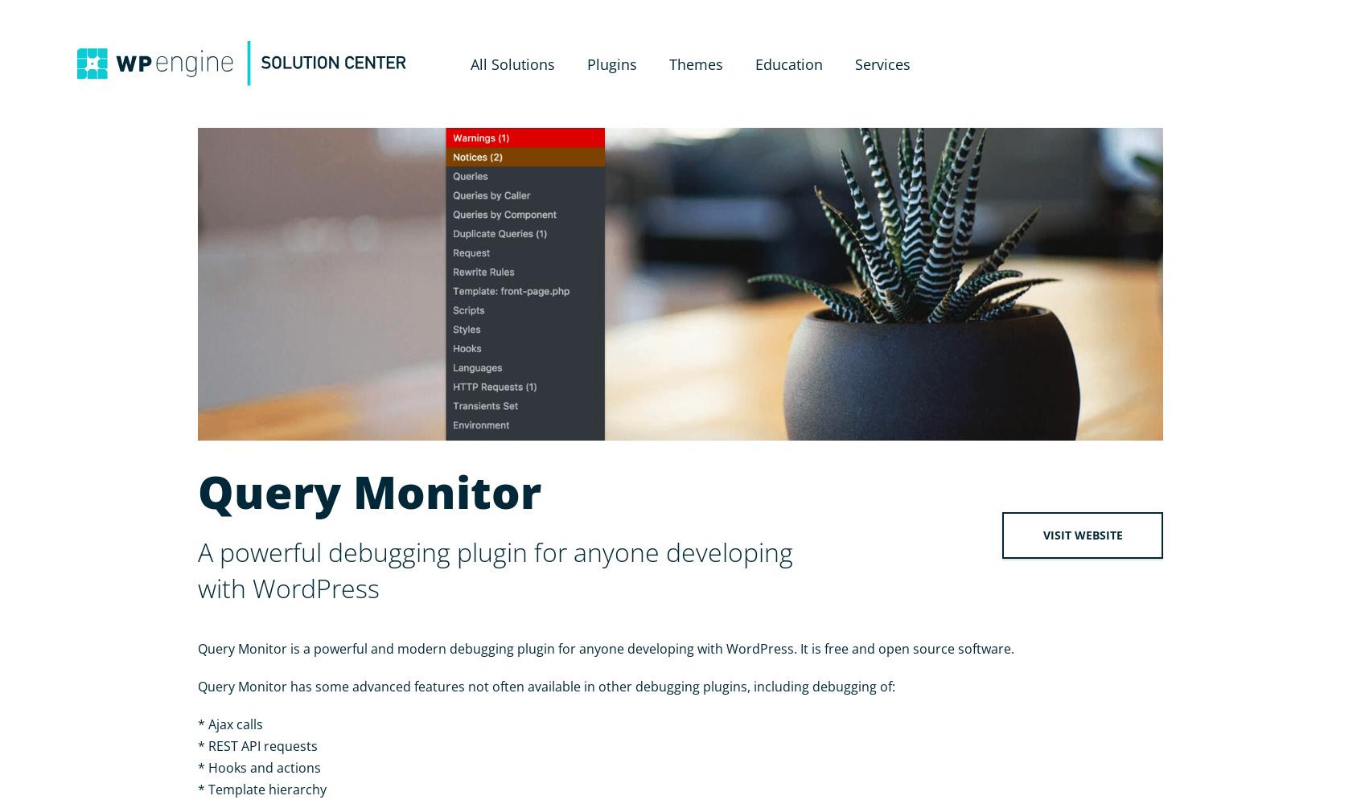  I want to click on 'Query Monitor is a powerful and modern debugging plugin for anyone developing with WordPress. It is free and open source software.', so click(198, 649).